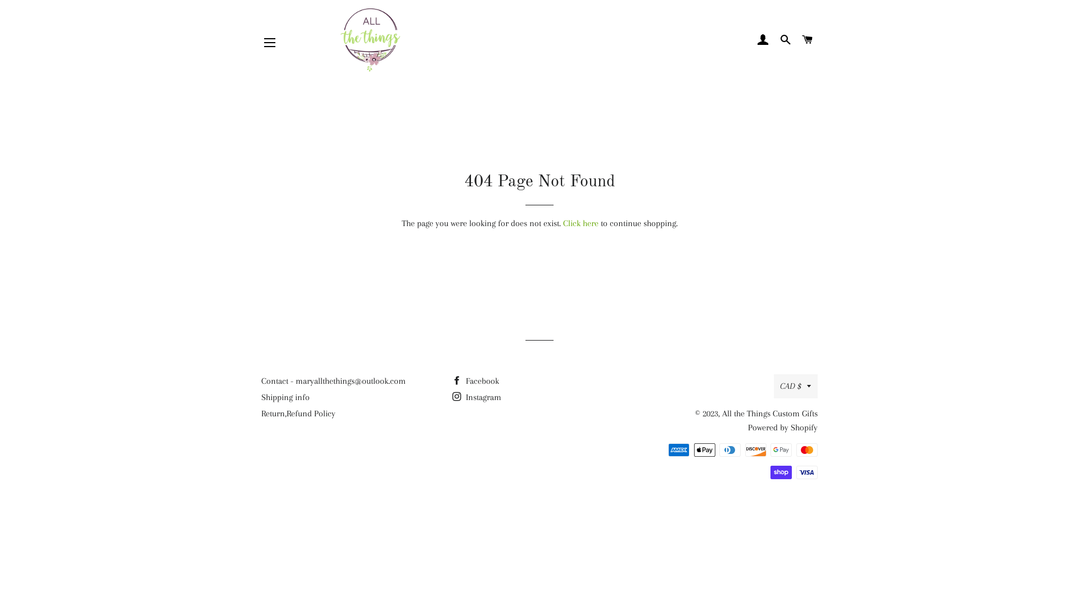  Describe the element at coordinates (807, 39) in the screenshot. I see `'CART'` at that location.